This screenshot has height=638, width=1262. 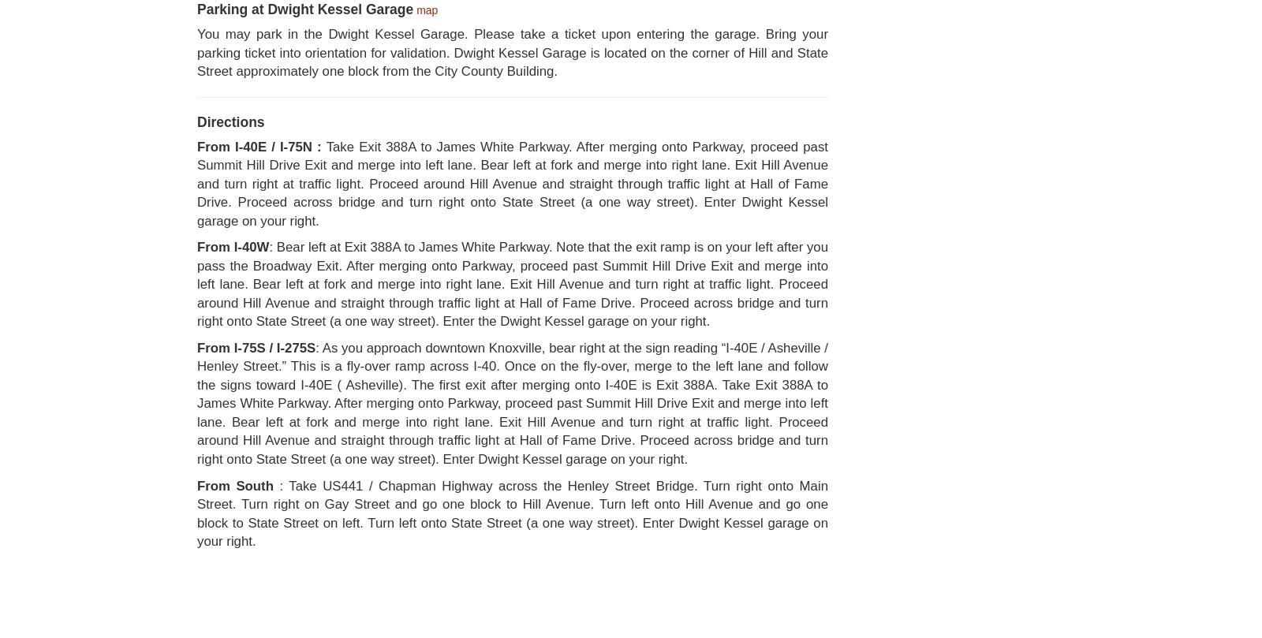 What do you see at coordinates (512, 284) in the screenshot?
I see `': Bear left at Exit 388A to James White Parkway. Note that the exit ramp is on your left after you pass the Broadway Exit. After merging onto Parkway, proceed past Summit Hill Drive Exit and merge into left lane. Bear left at fork and merge into right lane. Exit Hill Avenue and turn right at traffic light. Proceed around Hill Avenue and straight through traffic light at Hall of Fame Drive. Proceed across bridge and turn right onto State Street (a one way street). Enter the Dwight Kessel garage on your right.'` at bounding box center [512, 284].